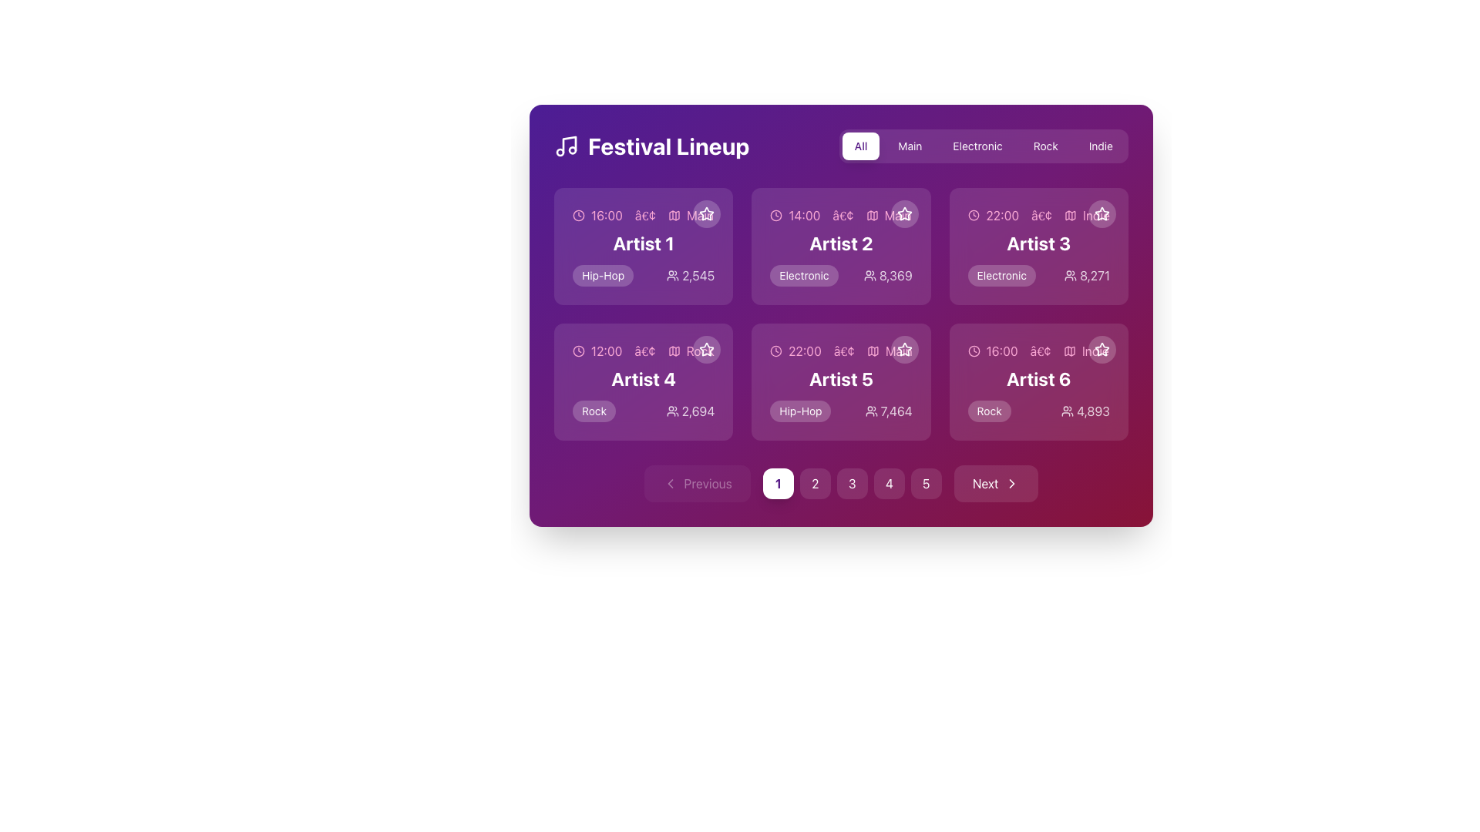  I want to click on the star icon button located in the top-right corner of the card representing 'Artist 2' to mark the artist as favorite, so click(904, 213).